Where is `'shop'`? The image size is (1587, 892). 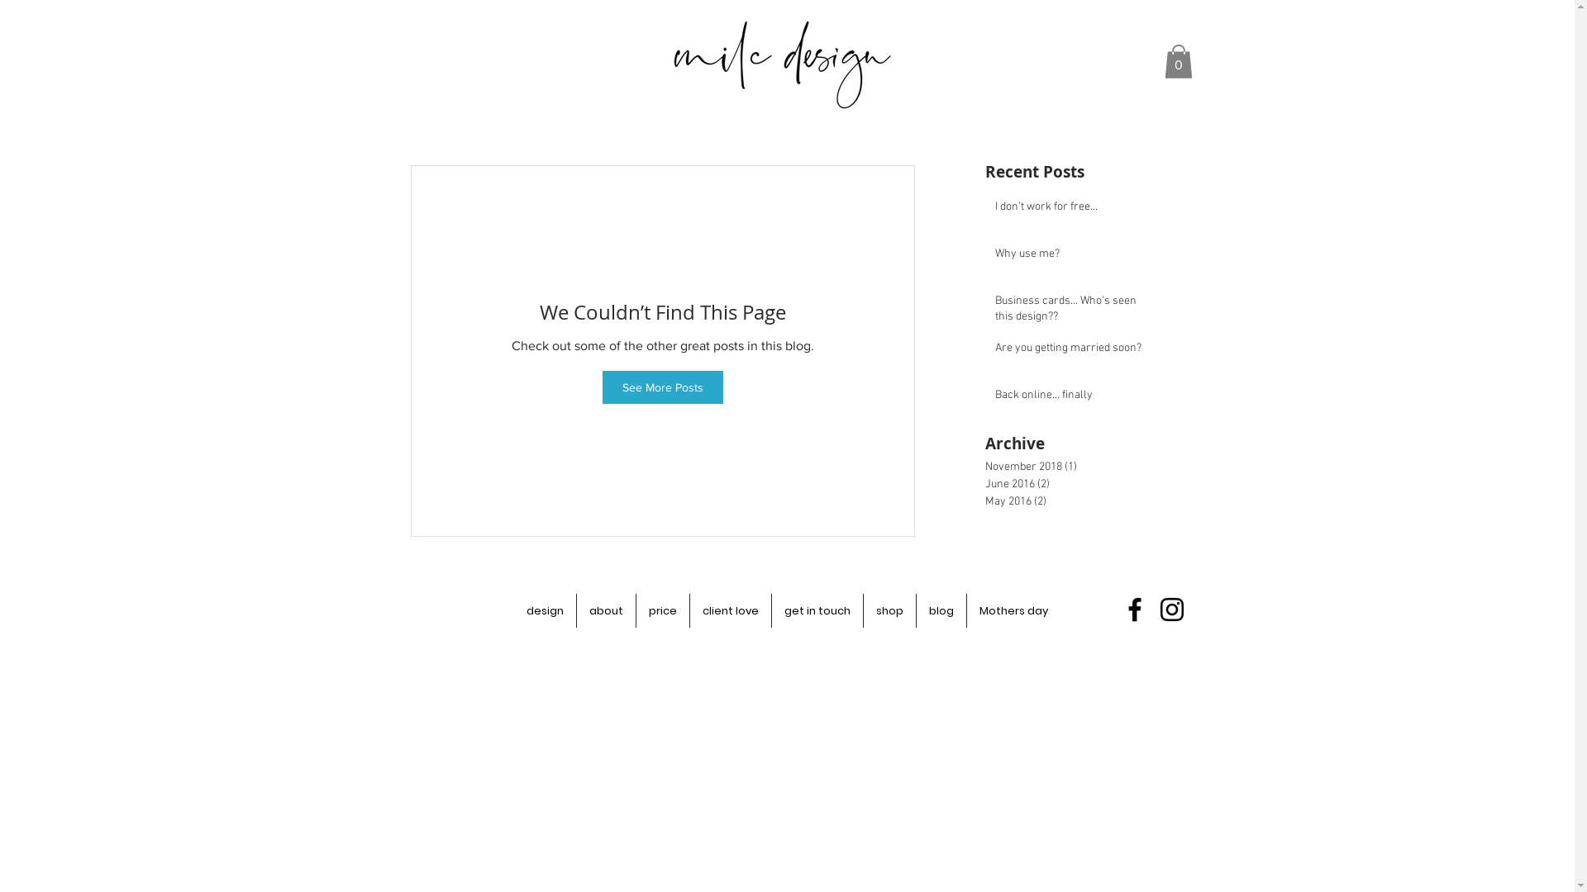 'shop' is located at coordinates (863, 610).